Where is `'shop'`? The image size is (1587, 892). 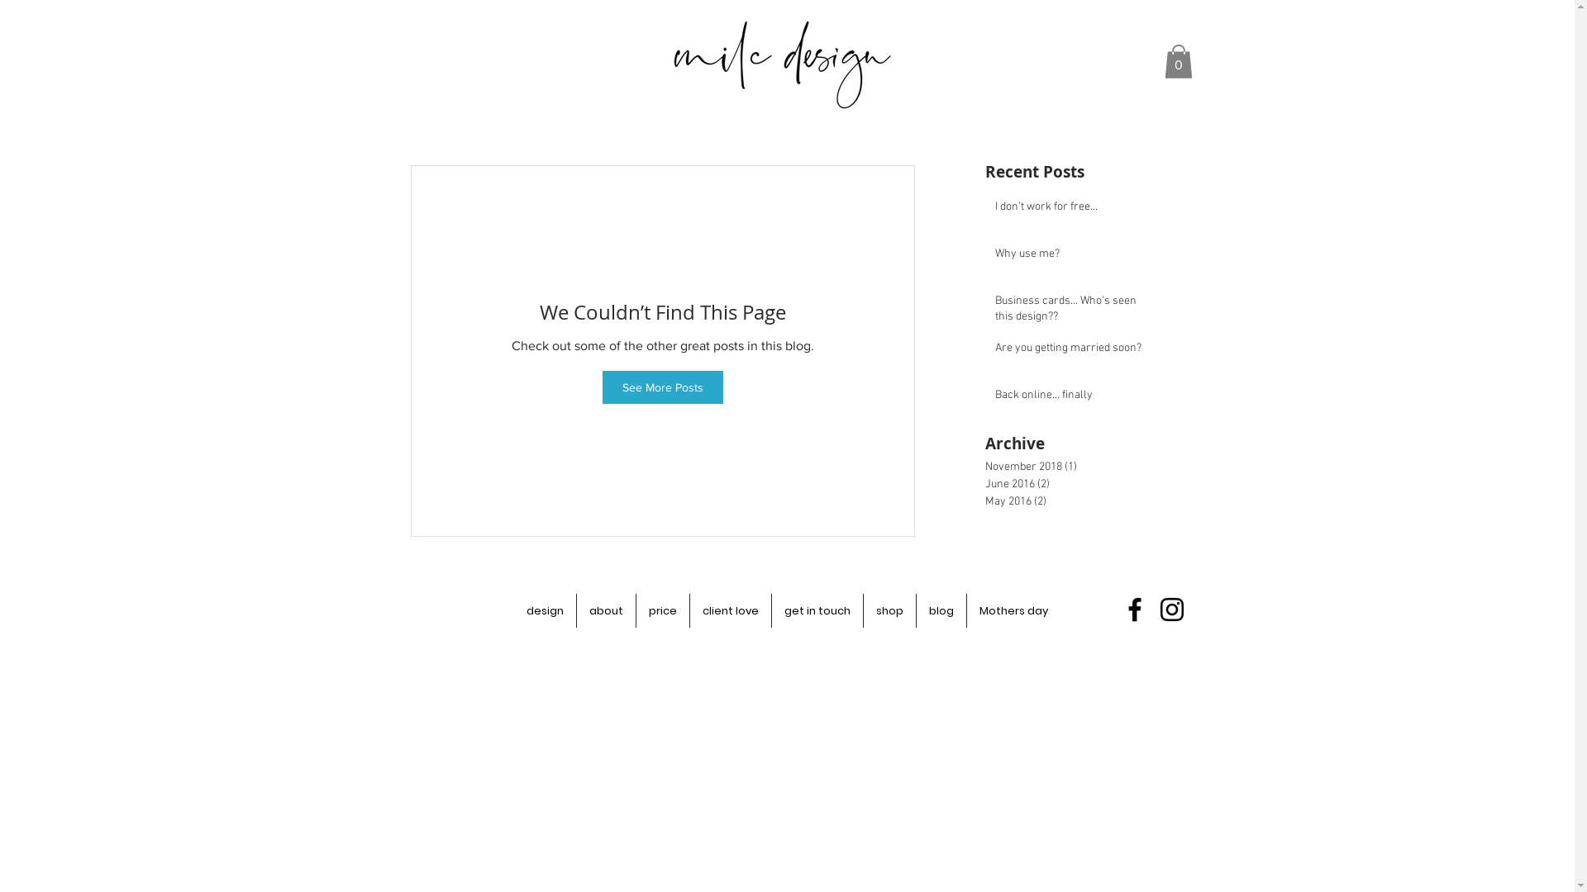 'shop' is located at coordinates (863, 610).